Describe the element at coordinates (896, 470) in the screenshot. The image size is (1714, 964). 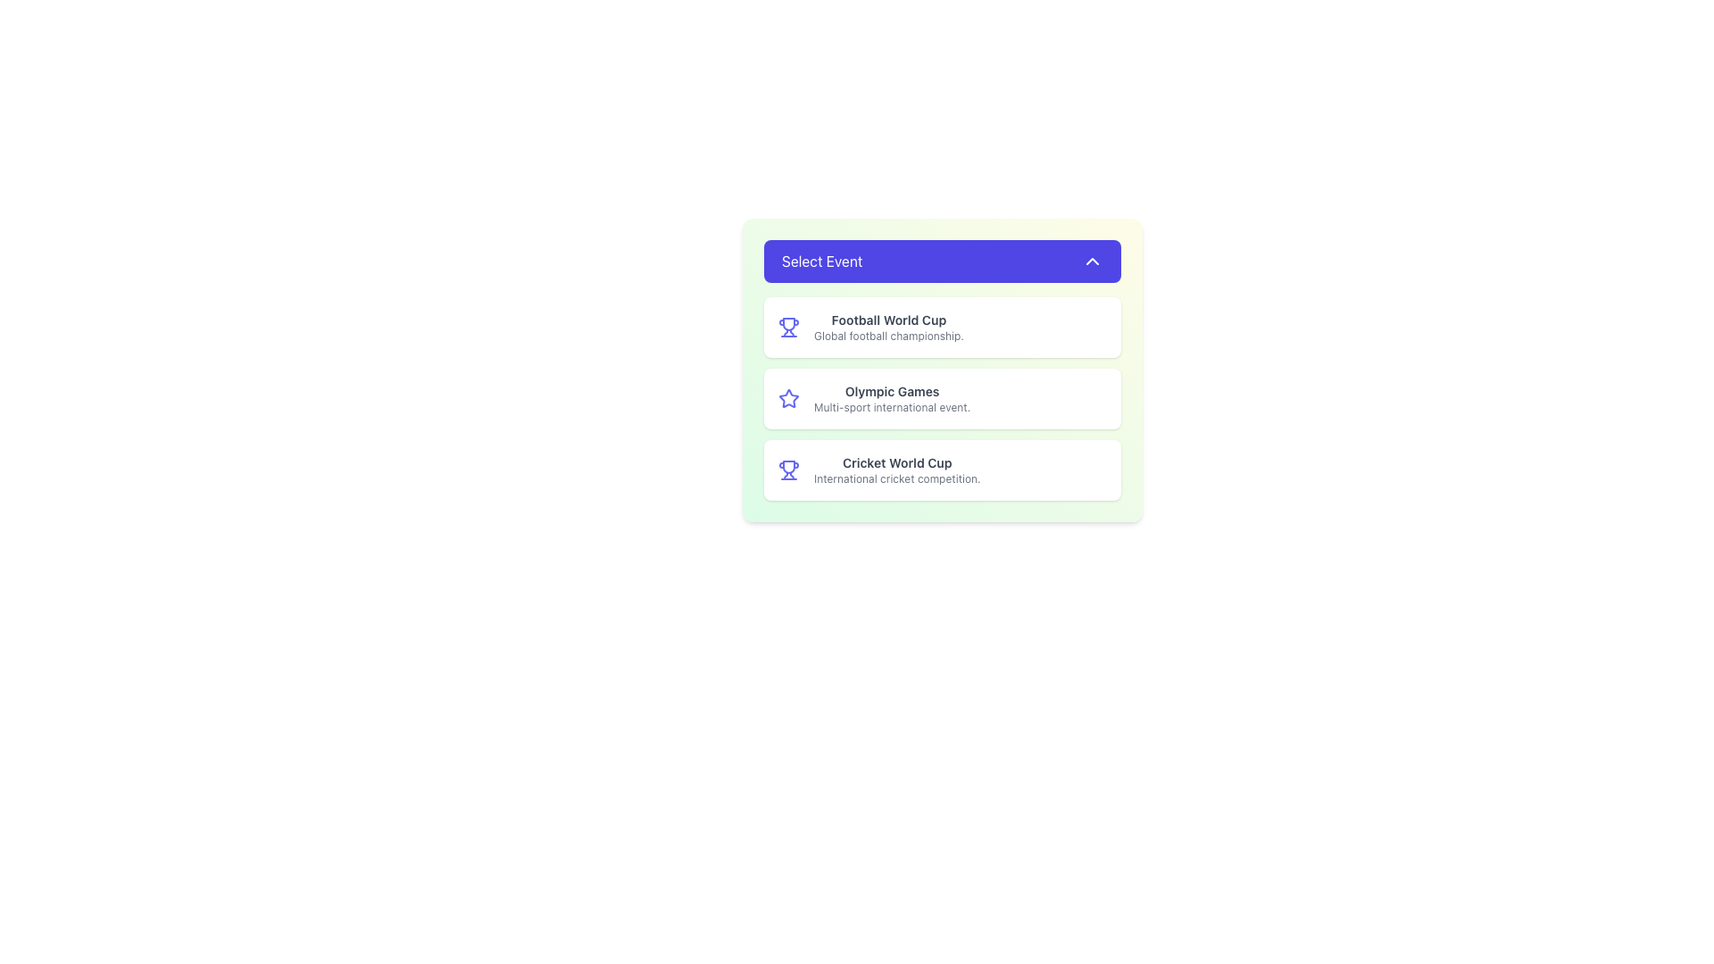
I see `the selectable list item titled 'Cricket World Cup'` at that location.